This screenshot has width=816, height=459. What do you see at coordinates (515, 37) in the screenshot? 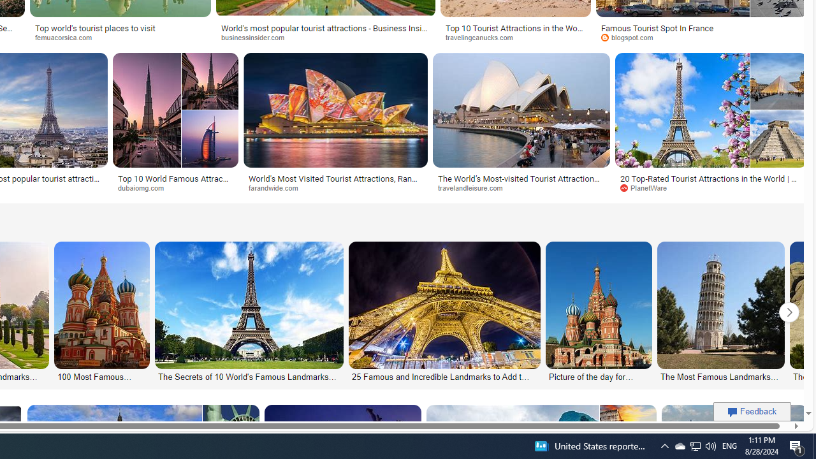
I see `'travelingcanucks.com'` at bounding box center [515, 37].